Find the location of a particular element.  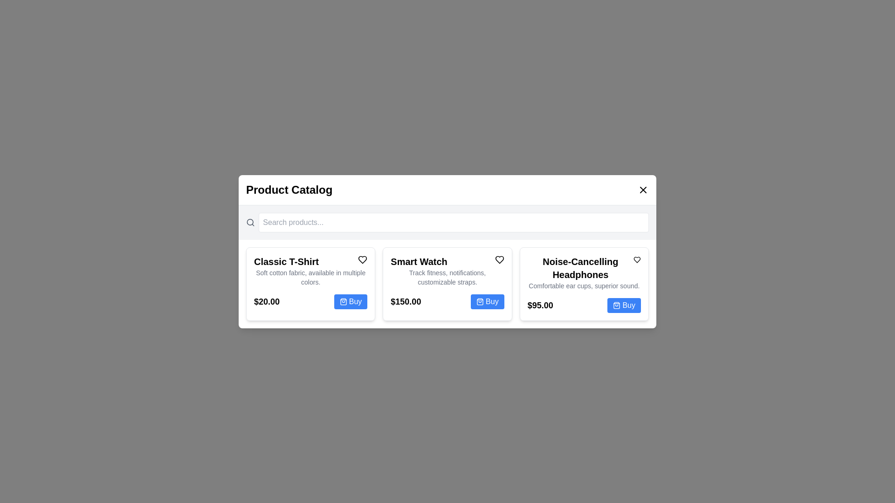

the 'Buy' button for the product 'Noise-Cancelling Headphones' to add it to the shopping cart is located at coordinates (624, 305).